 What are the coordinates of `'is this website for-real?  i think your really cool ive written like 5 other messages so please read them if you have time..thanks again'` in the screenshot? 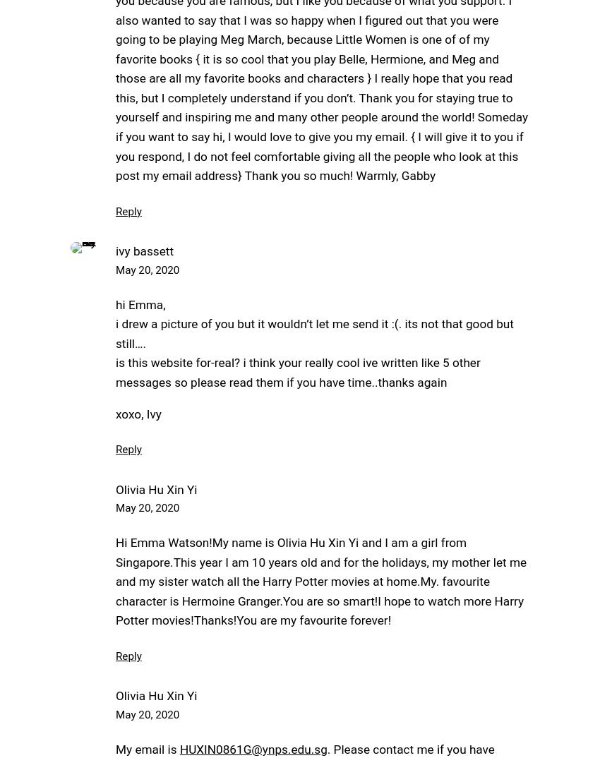 It's located at (298, 372).